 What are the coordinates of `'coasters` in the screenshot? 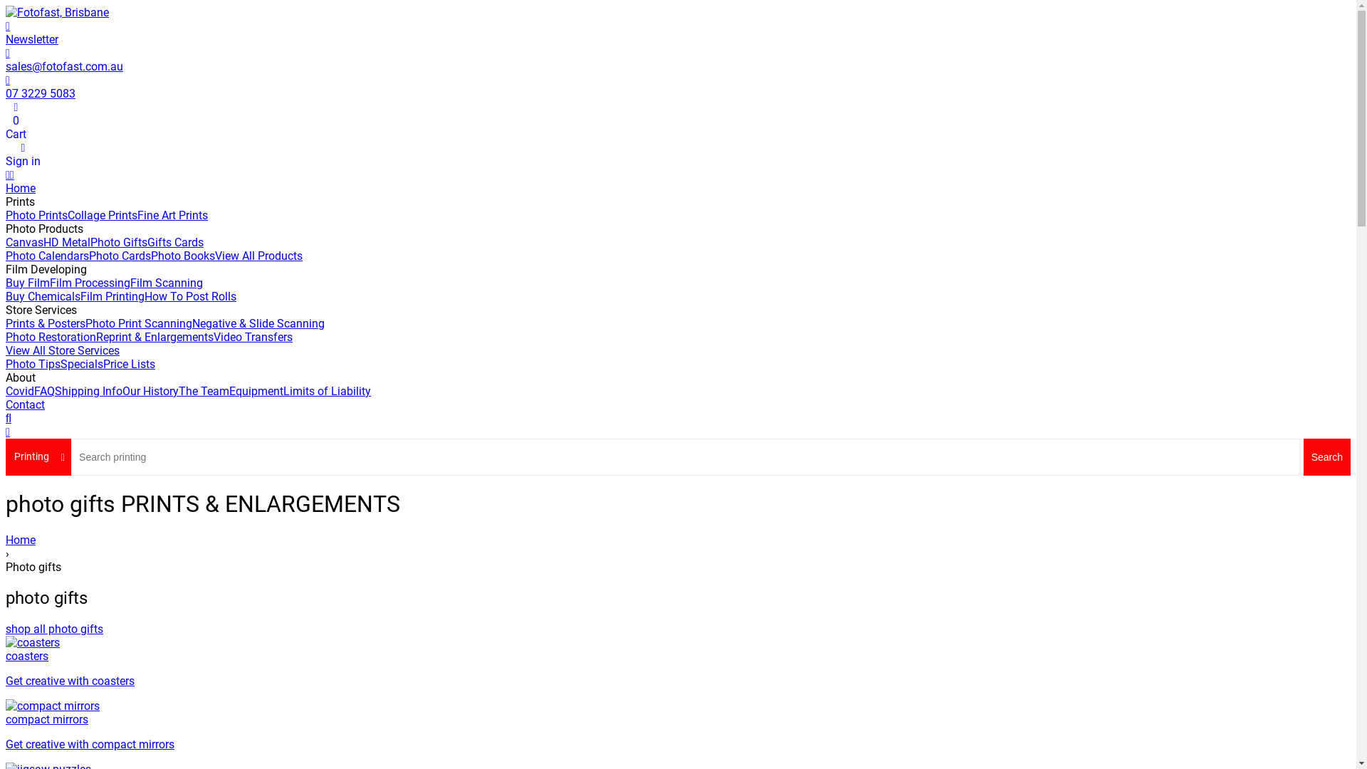 It's located at (677, 661).